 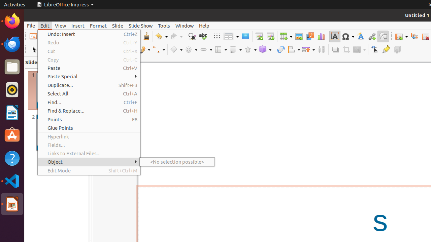 I want to click on 'Files', so click(x=12, y=67).